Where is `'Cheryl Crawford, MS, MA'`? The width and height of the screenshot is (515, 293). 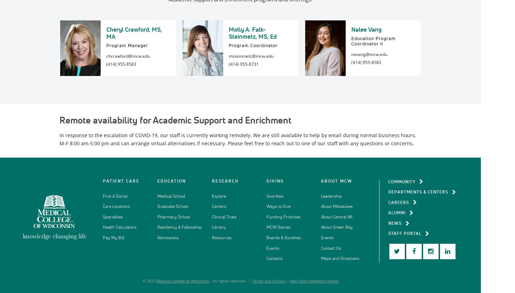 'Cheryl Crawford, MS, MA' is located at coordinates (133, 32).